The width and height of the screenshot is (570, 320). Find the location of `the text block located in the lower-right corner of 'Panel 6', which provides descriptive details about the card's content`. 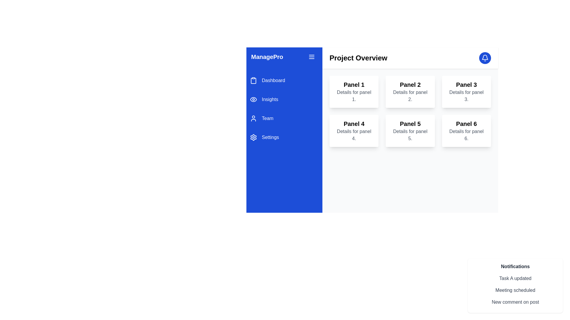

the text block located in the lower-right corner of 'Panel 6', which provides descriptive details about the card's content is located at coordinates (466, 135).